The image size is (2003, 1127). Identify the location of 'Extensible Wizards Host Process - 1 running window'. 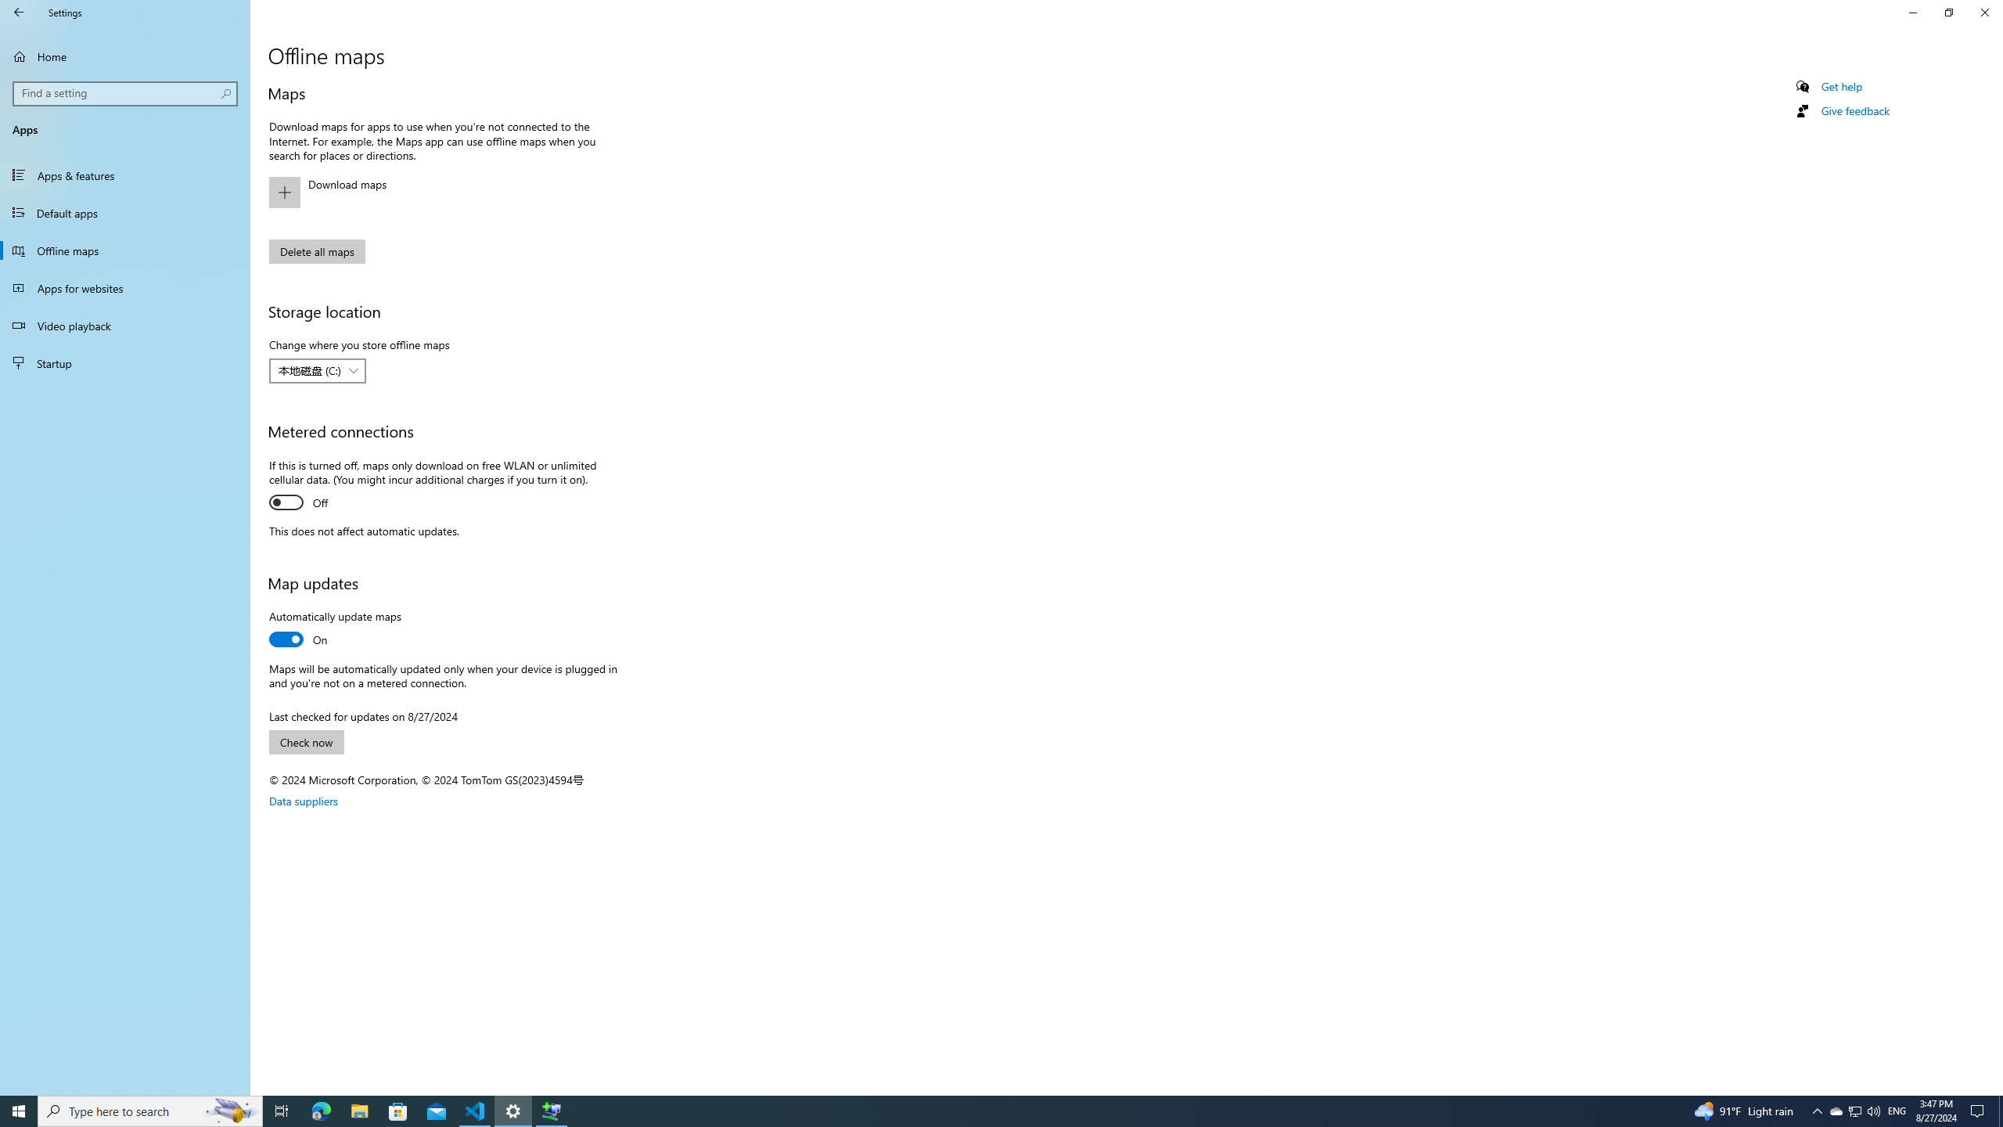
(552, 1110).